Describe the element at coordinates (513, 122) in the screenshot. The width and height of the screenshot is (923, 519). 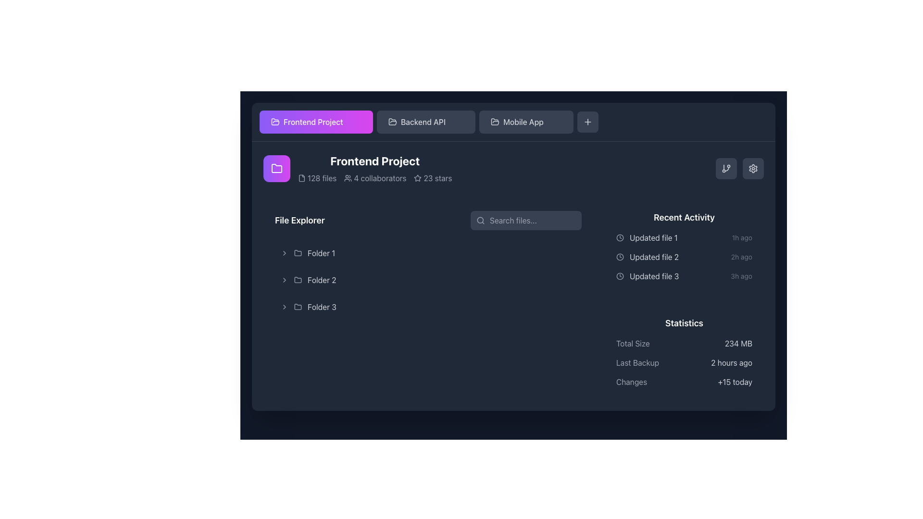
I see `the 'Frontend Project' button` at that location.